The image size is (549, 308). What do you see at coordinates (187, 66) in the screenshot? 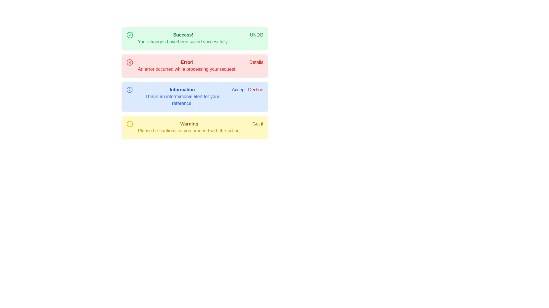
I see `error message displayed in the red-shaded notification box, which is centered in the interface` at bounding box center [187, 66].